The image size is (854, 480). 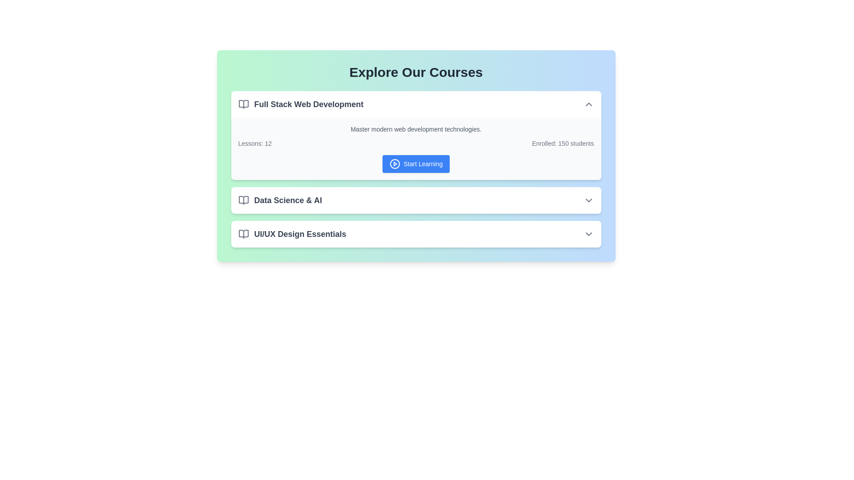 I want to click on the static text label displaying 'Lessons: 12', which is part of the course details for 'Full Stack Web Development', so click(x=254, y=143).